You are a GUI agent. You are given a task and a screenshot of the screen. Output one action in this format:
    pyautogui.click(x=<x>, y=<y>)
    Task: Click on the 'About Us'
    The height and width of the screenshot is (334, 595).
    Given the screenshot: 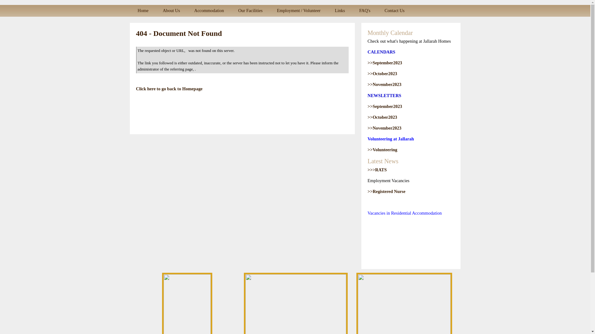 What is the action you would take?
    pyautogui.click(x=171, y=11)
    